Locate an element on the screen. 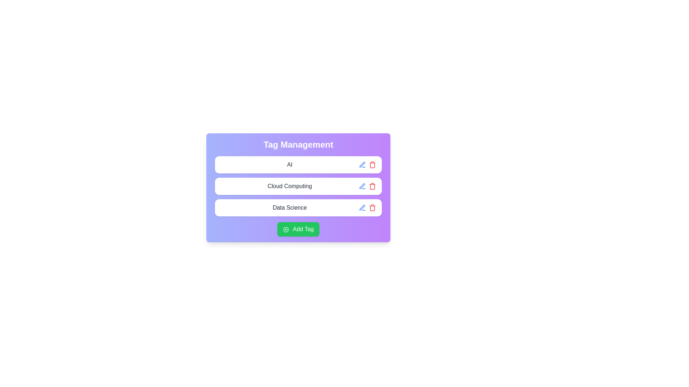  the delete icon button located on the right side of the 'Cloud Computing' entry in the vertical list is located at coordinates (372, 186).